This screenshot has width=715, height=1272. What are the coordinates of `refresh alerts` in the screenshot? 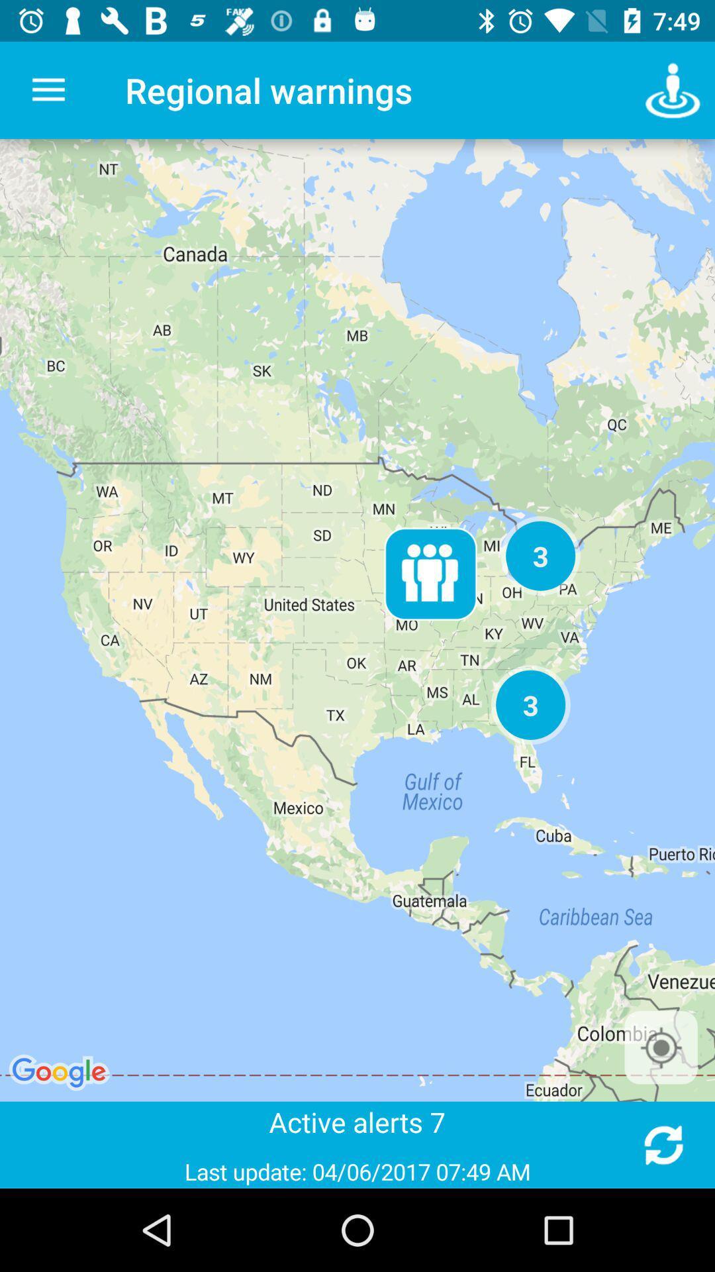 It's located at (663, 1144).